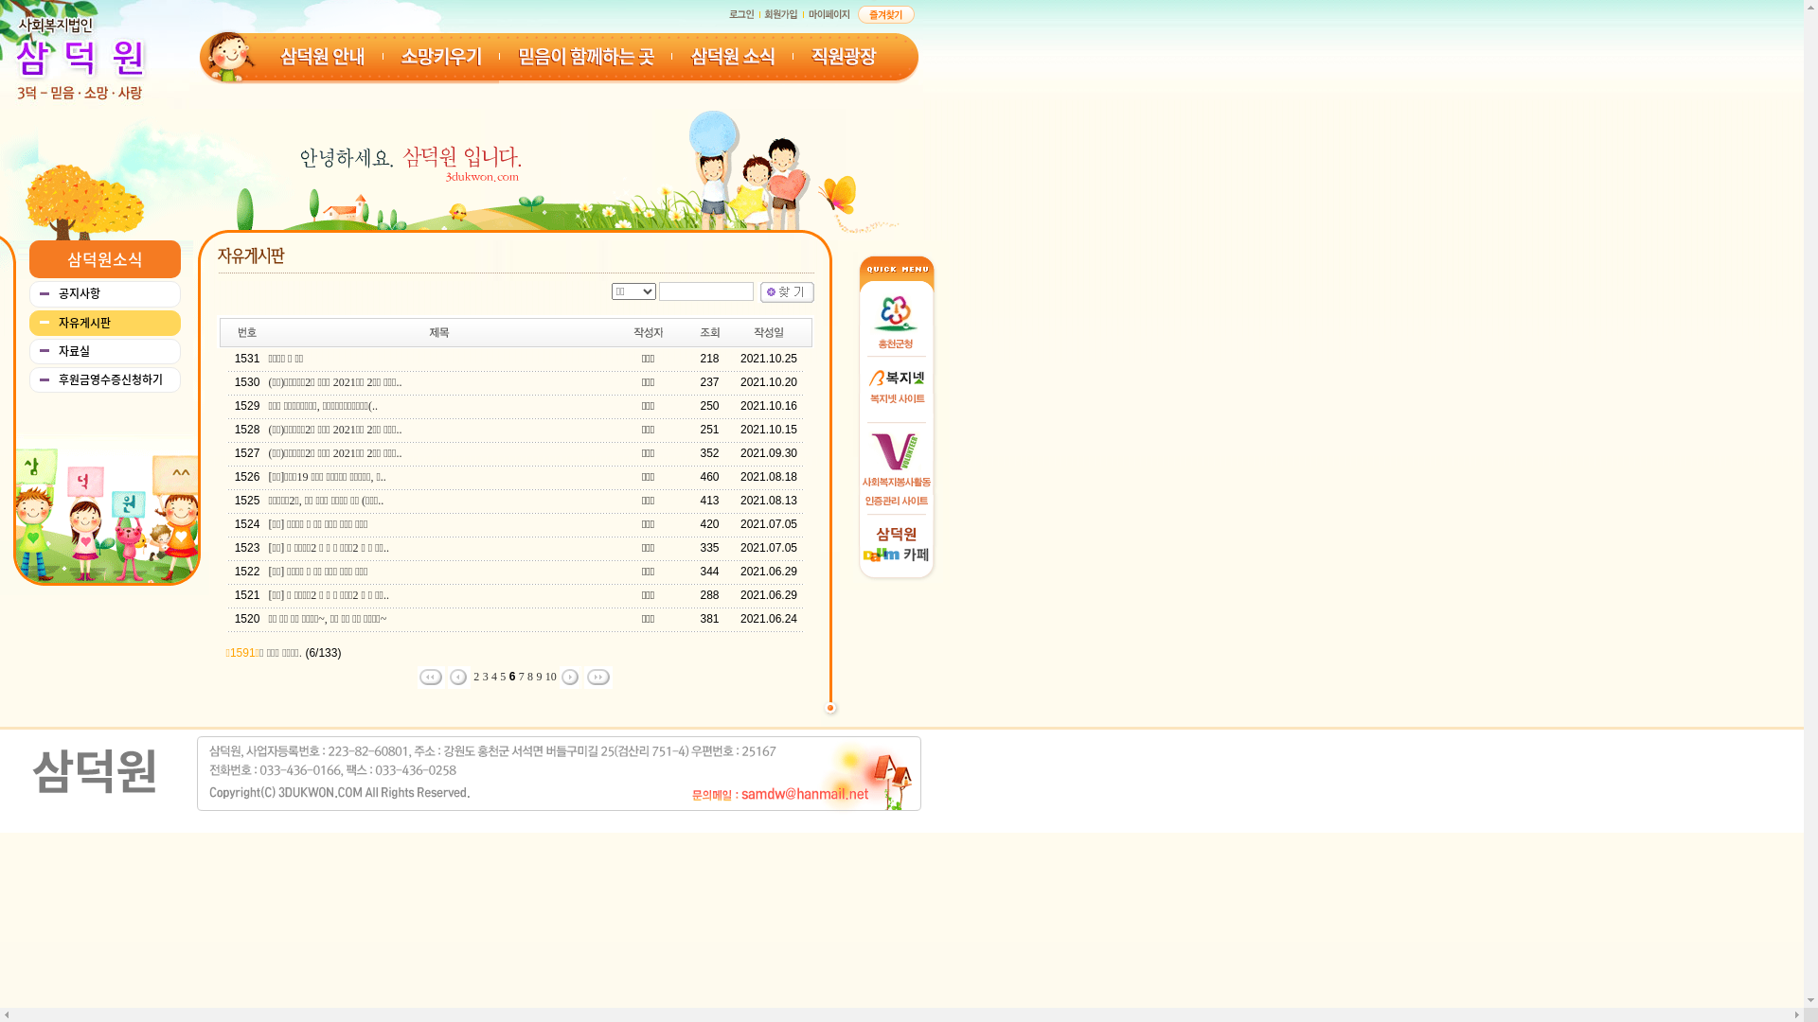  I want to click on '10', so click(549, 675).